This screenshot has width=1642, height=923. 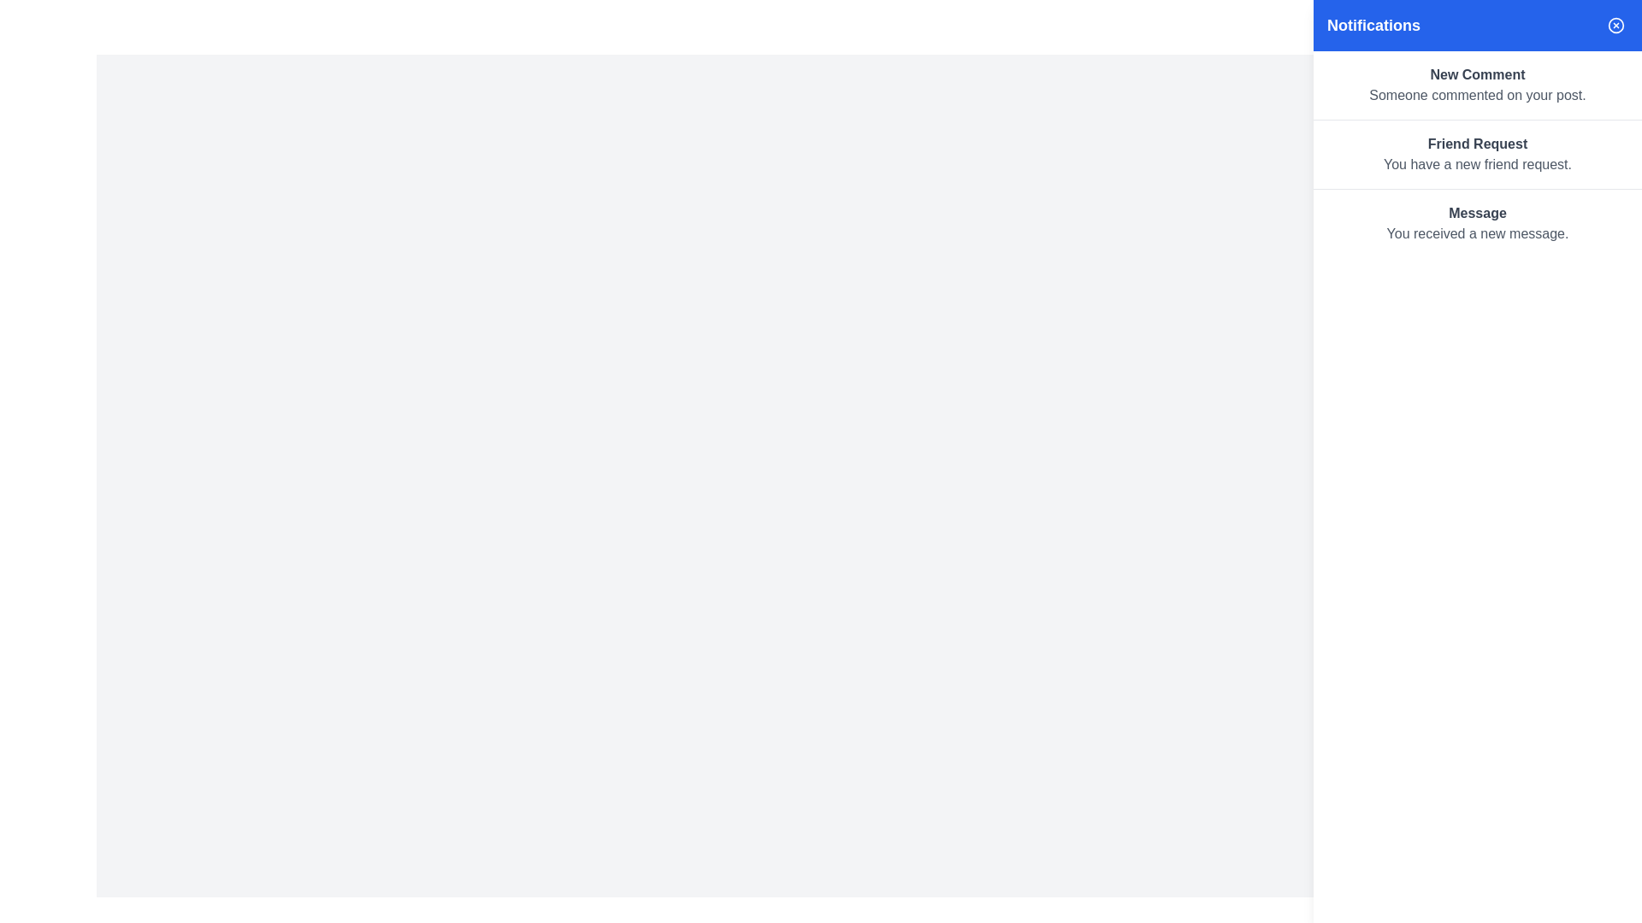 I want to click on the SVG circle element located at the top-right corner of the Notifications panel, which is part of the close icon, so click(x=1615, y=26).